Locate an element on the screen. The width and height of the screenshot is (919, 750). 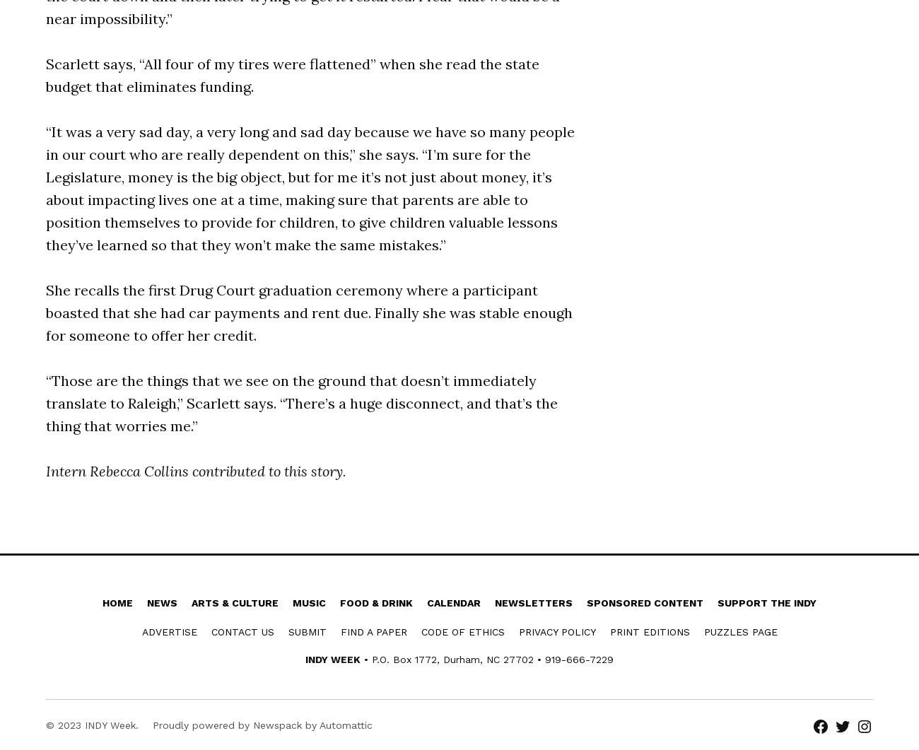
'• P.O. Box 1772, Durham, NC 27702 • 919-666-7229' is located at coordinates (486, 659).